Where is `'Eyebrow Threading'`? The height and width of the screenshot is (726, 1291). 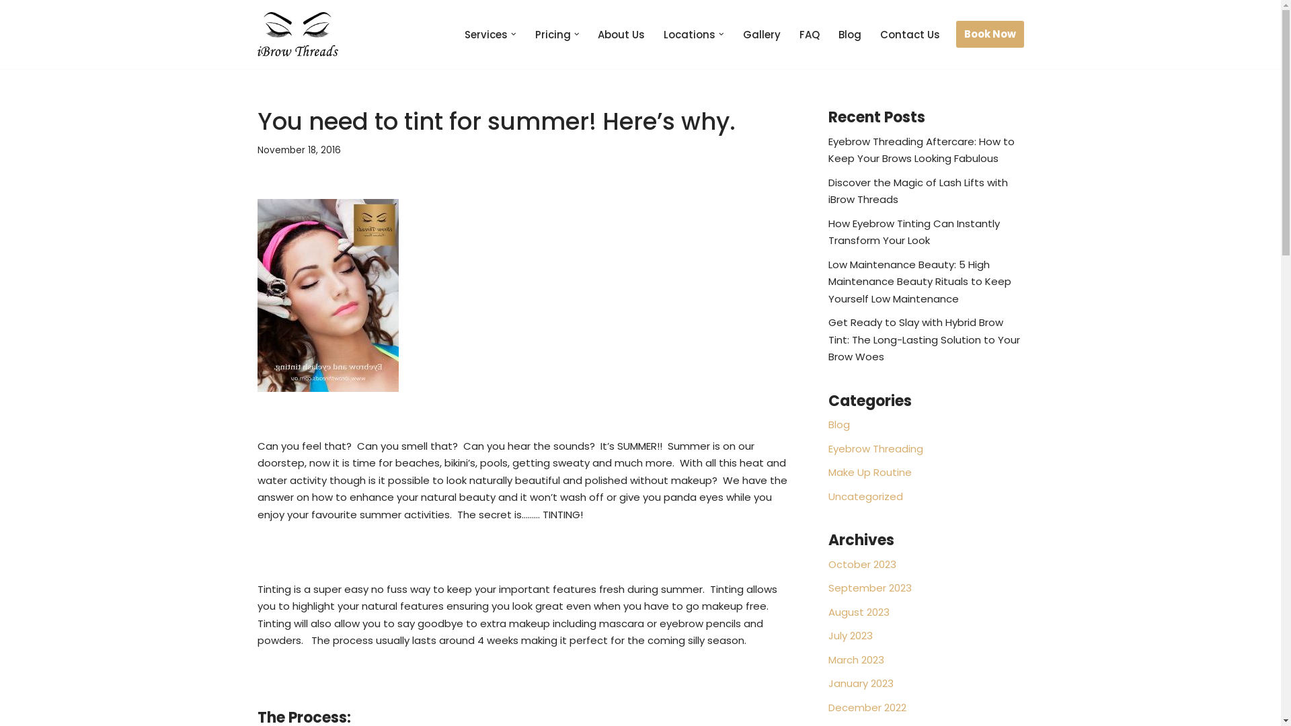 'Eyebrow Threading' is located at coordinates (875, 448).